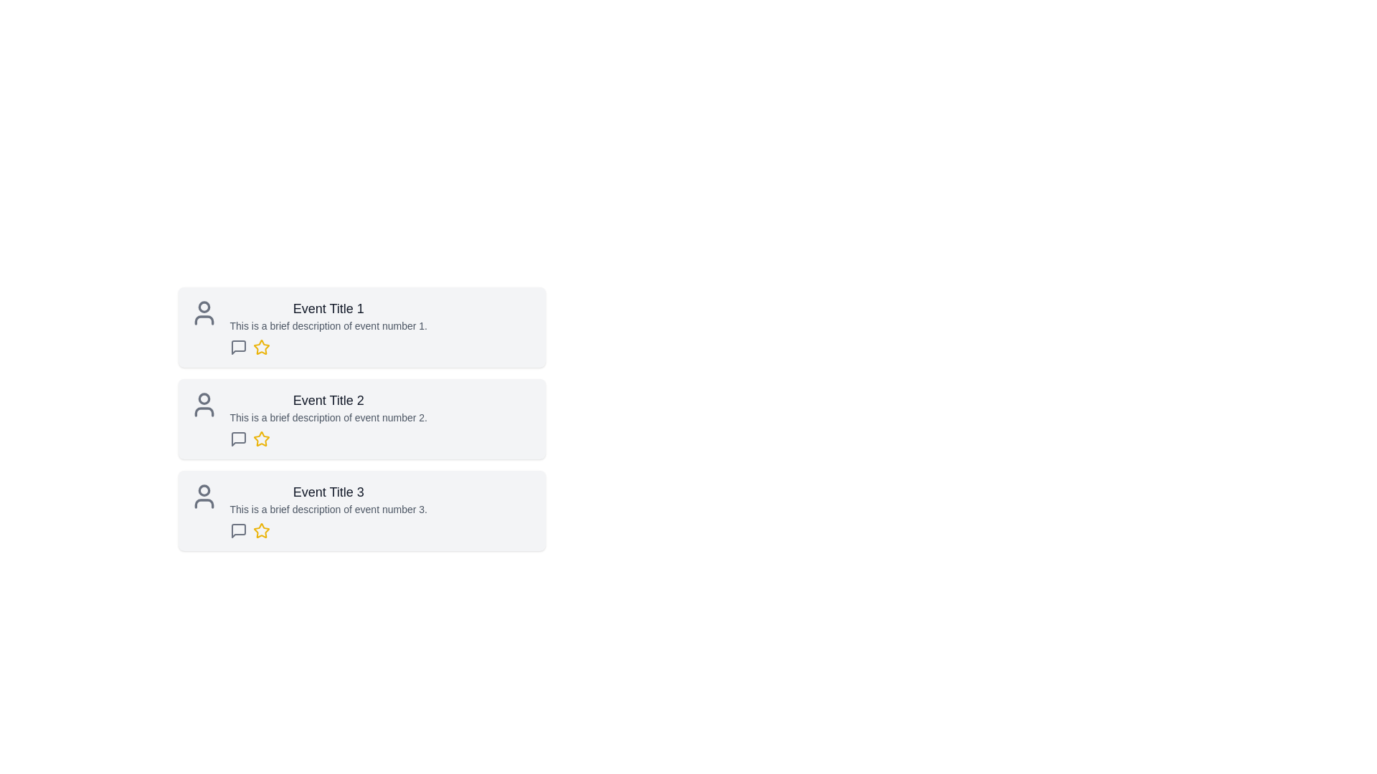  I want to click on the star icon located on the bottom-right segment of the row for 'Event Title 3', so click(261, 530).